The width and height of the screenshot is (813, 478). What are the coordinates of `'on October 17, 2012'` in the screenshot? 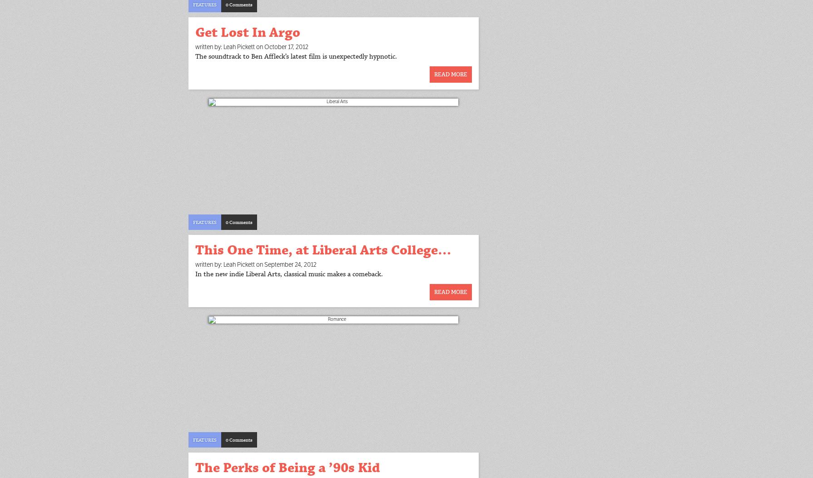 It's located at (282, 46).